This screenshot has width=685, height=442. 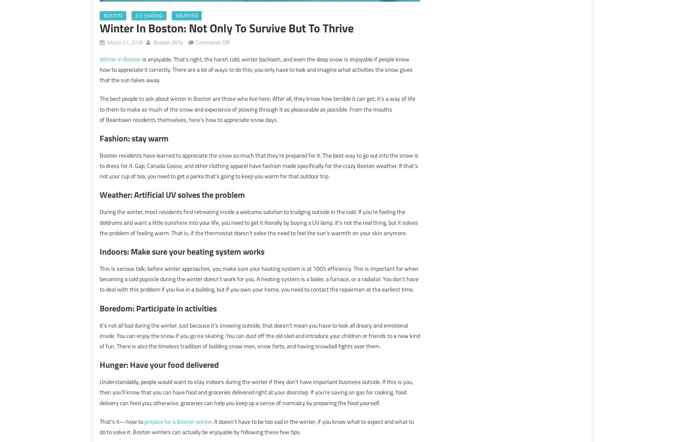 I want to click on 'The best people to ask about winter in Boston are those who live here. After all, they know how terrible it can get; it’s a way of life to them to make as much of the snow and experience of plowing through it as pleasurable as possible. From the mouths of Beantown residents themselves, here’s how to appreciate snow days.', so click(x=257, y=108).